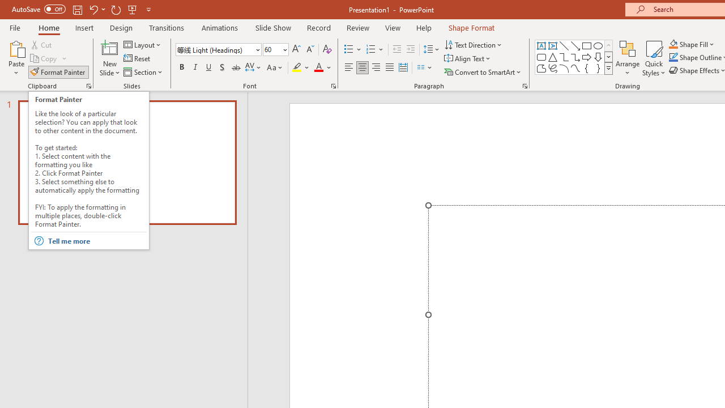 This screenshot has height=408, width=725. I want to click on 'Text Box', so click(541, 45).